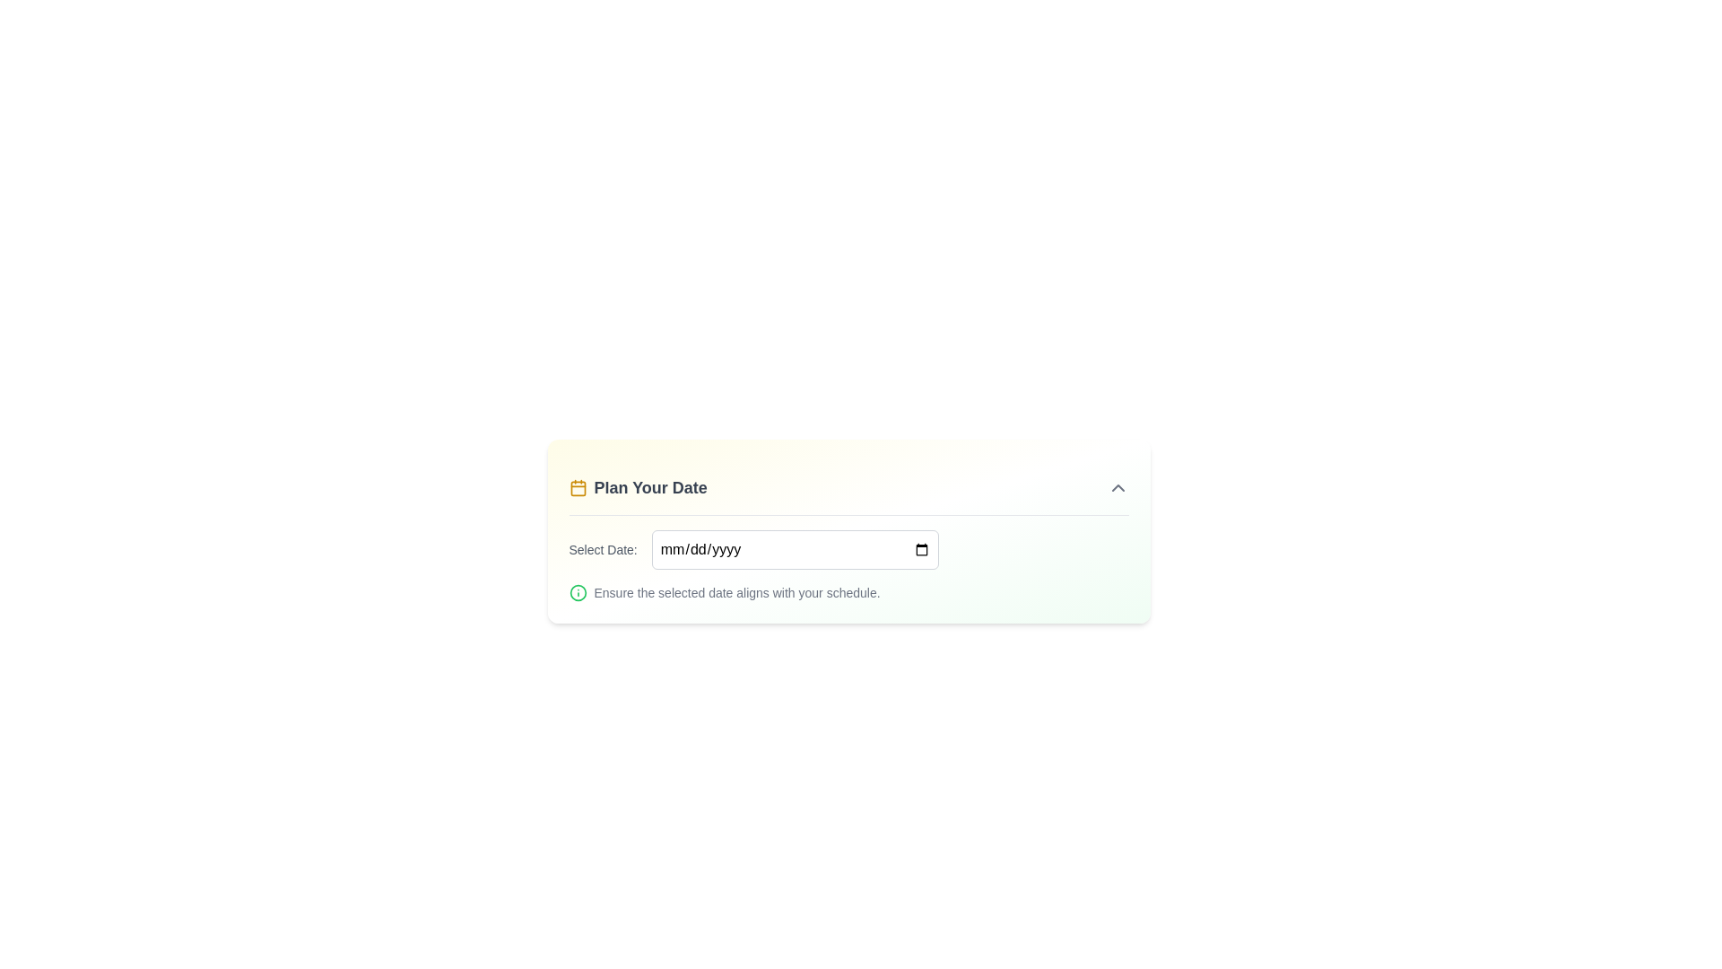  What do you see at coordinates (578, 488) in the screenshot?
I see `the calendar graphic icon located in the top-left corner of the 'Plan Your Date' component by moving the cursor to its center` at bounding box center [578, 488].